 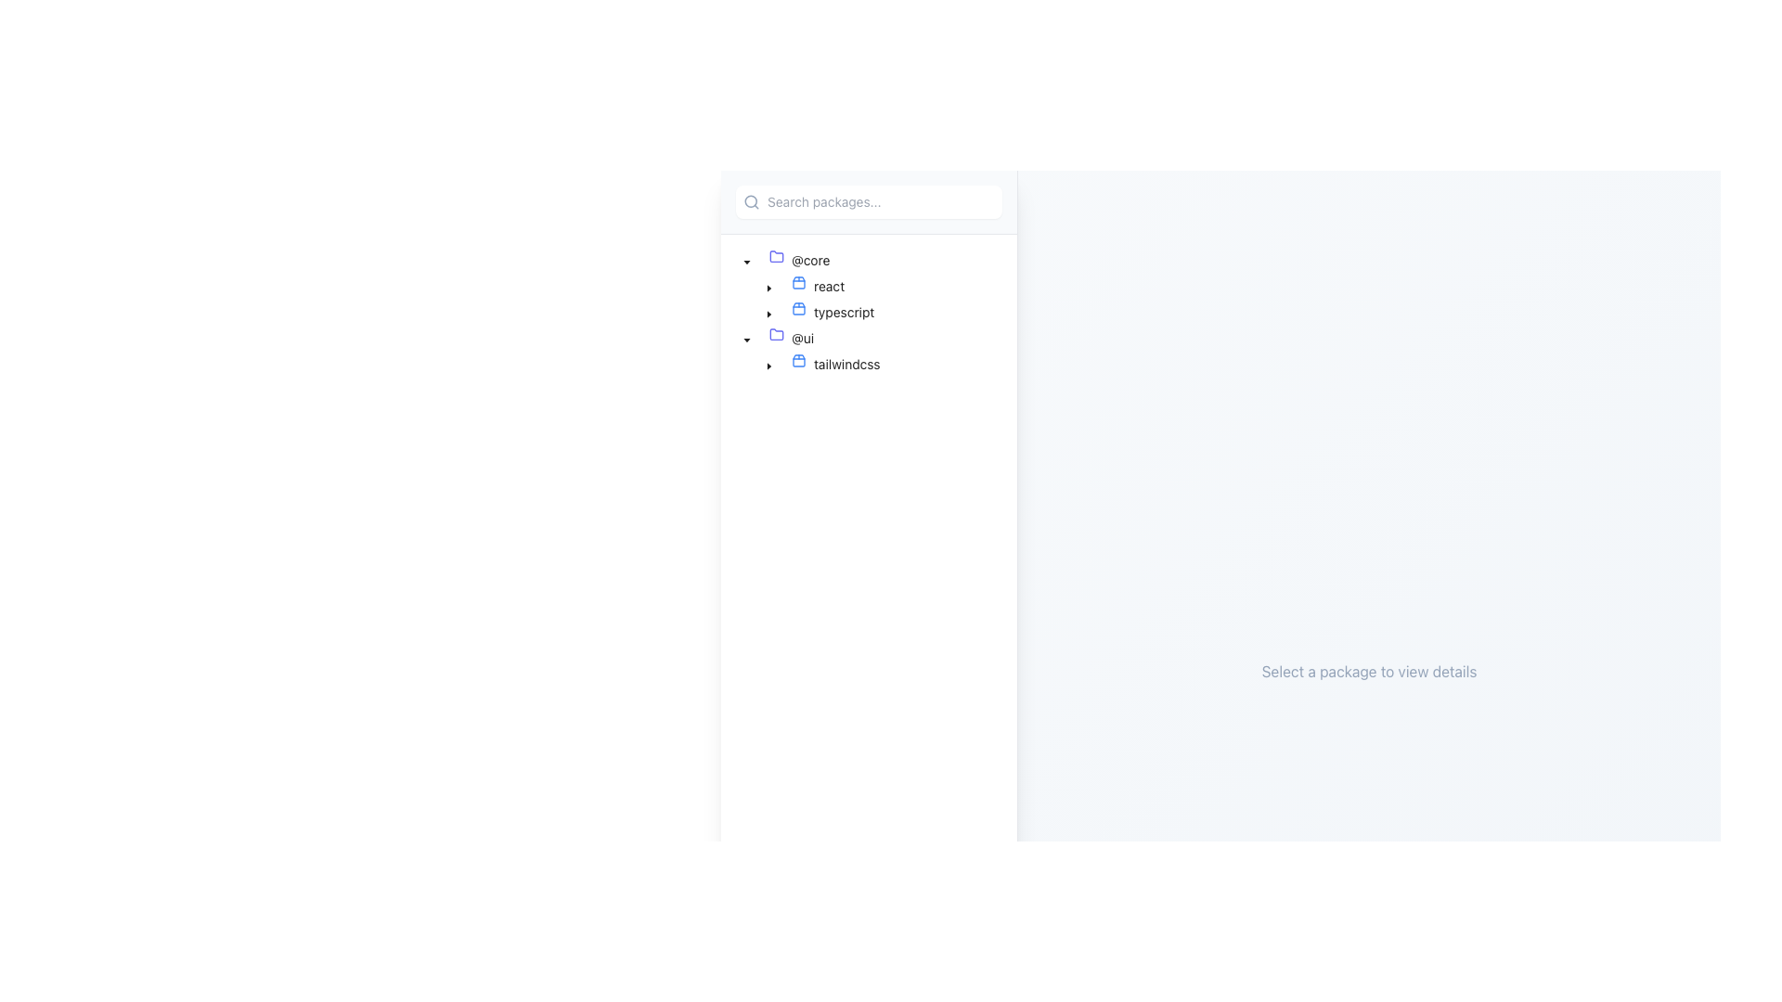 What do you see at coordinates (776, 332) in the screenshot?
I see `the folder icon representing the '@ui' category, which is the first icon in the second folder group labeled '@ui'` at bounding box center [776, 332].